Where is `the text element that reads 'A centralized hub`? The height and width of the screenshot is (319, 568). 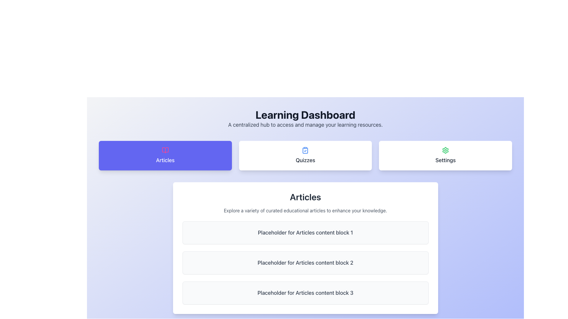 the text element that reads 'A centralized hub is located at coordinates (305, 125).